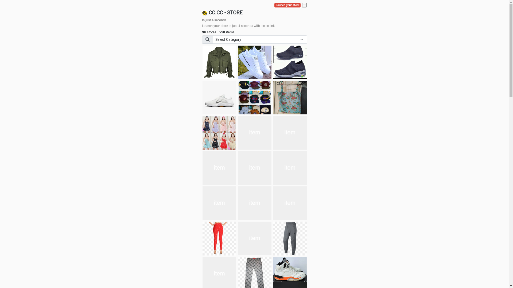  Describe the element at coordinates (254, 62) in the screenshot. I see `'white shoes'` at that location.